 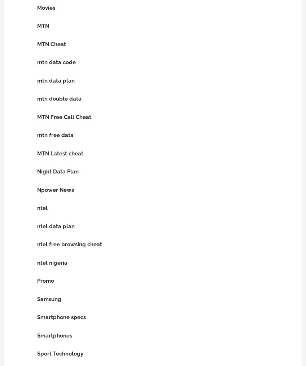 What do you see at coordinates (64, 116) in the screenshot?
I see `'MTN Free Call Cheat'` at bounding box center [64, 116].